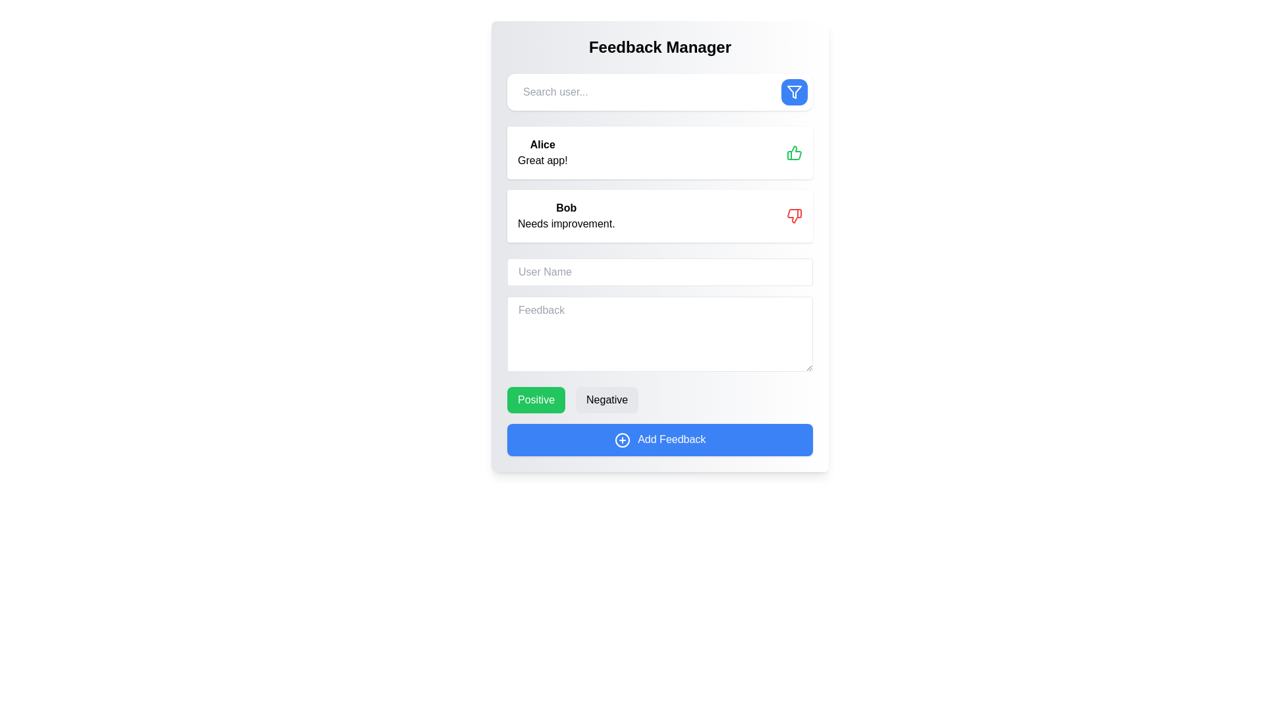 This screenshot has width=1265, height=712. Describe the element at coordinates (621, 440) in the screenshot. I see `the central circle of the plus icon within the 'Add Feedback' button located at the bottom center of the interface` at that location.